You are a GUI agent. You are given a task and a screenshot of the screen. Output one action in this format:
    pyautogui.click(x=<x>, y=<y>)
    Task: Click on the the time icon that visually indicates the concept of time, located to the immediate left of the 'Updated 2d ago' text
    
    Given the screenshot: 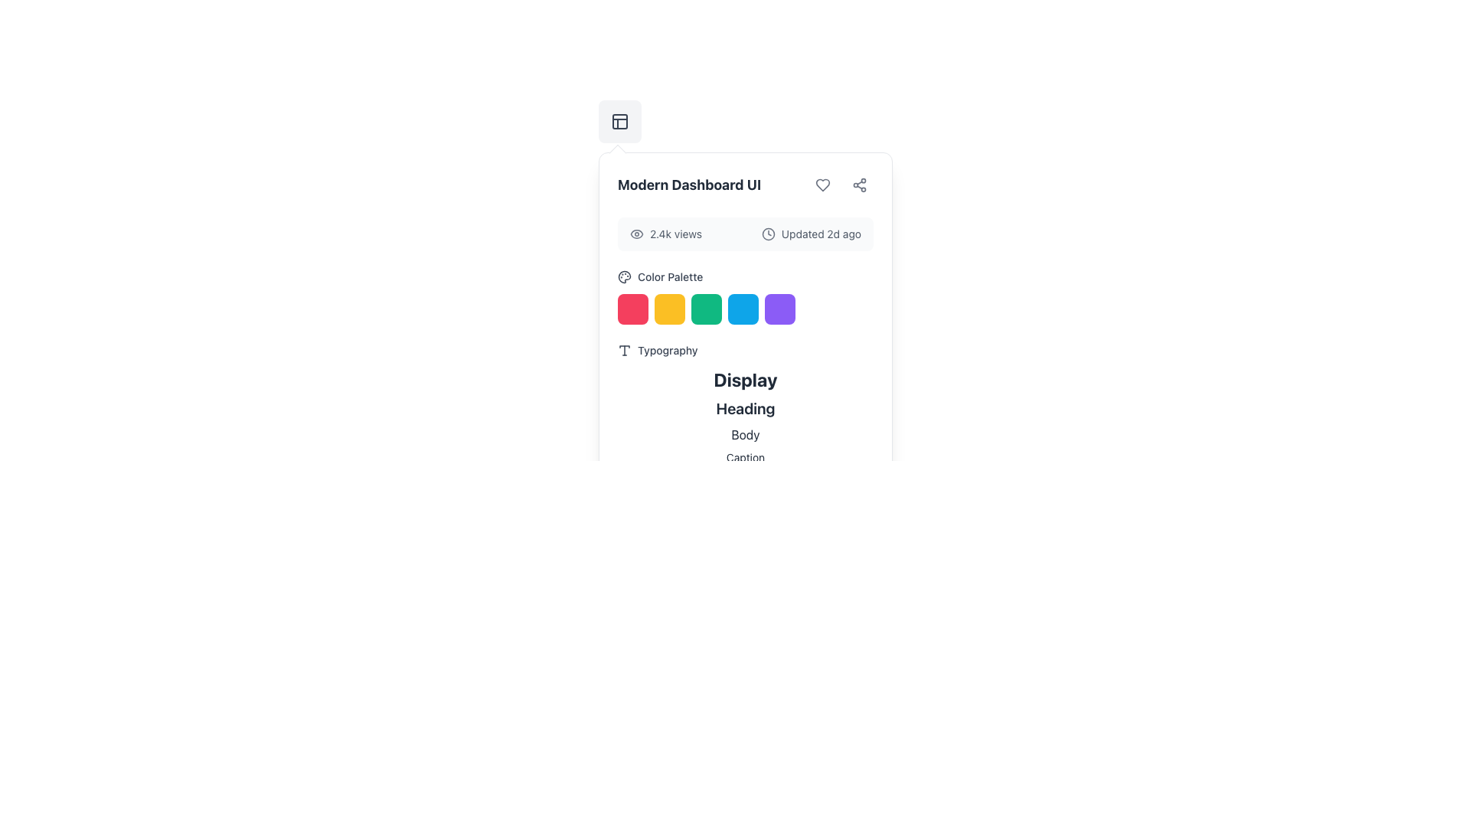 What is the action you would take?
    pyautogui.click(x=768, y=234)
    